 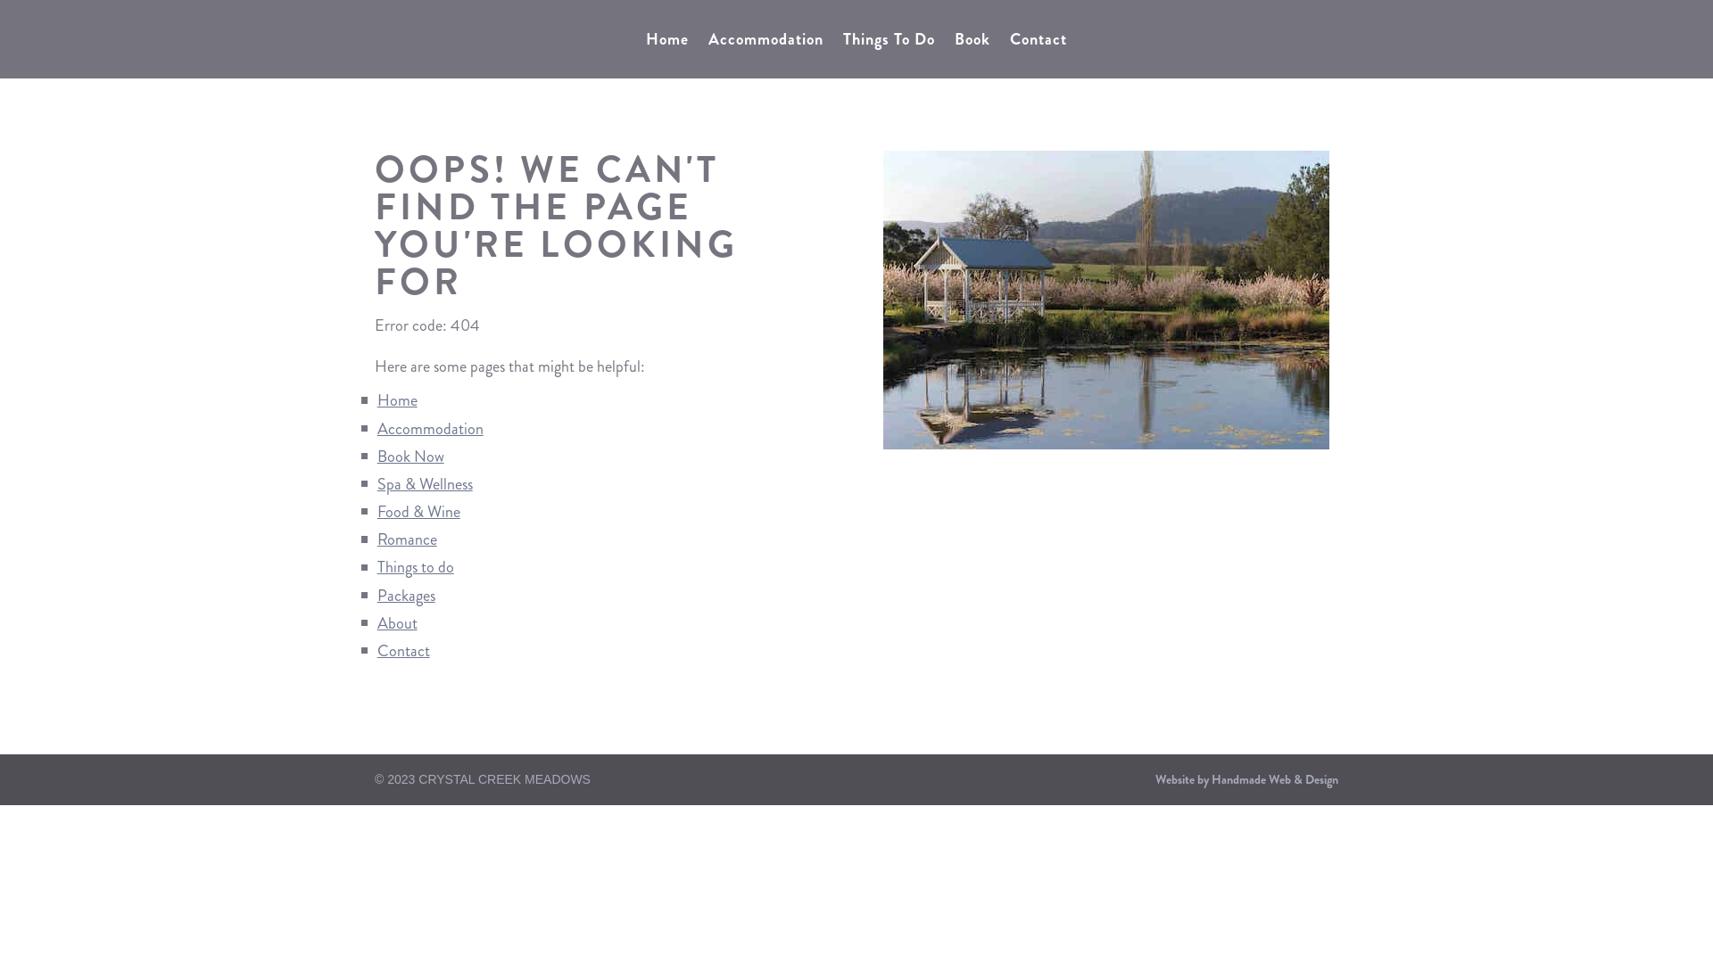 What do you see at coordinates (430, 429) in the screenshot?
I see `'Accommodation'` at bounding box center [430, 429].